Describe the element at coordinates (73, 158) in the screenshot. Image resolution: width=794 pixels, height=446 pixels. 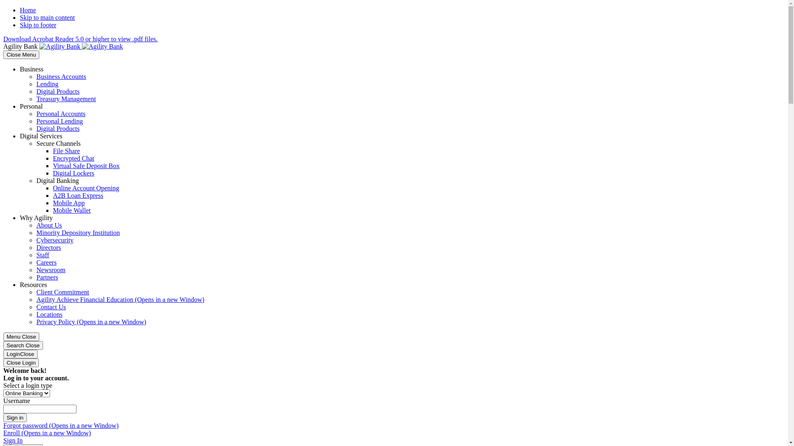
I see `'Encrypted Chat'` at that location.